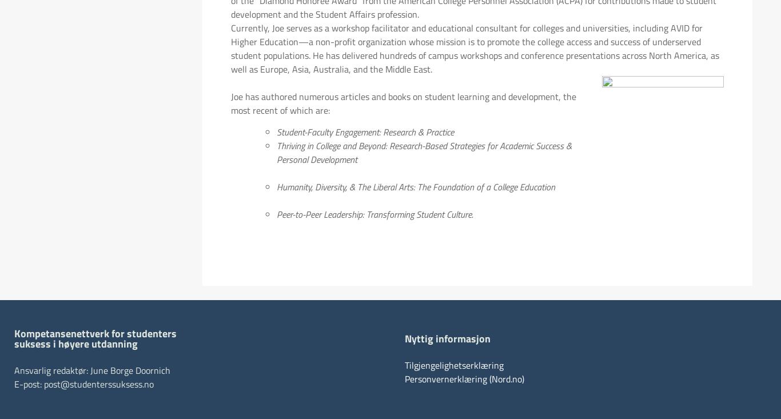 Image resolution: width=781 pixels, height=419 pixels. I want to click on 'Peer-to-Peer Leadership: Transforming Student Culture.', so click(374, 214).